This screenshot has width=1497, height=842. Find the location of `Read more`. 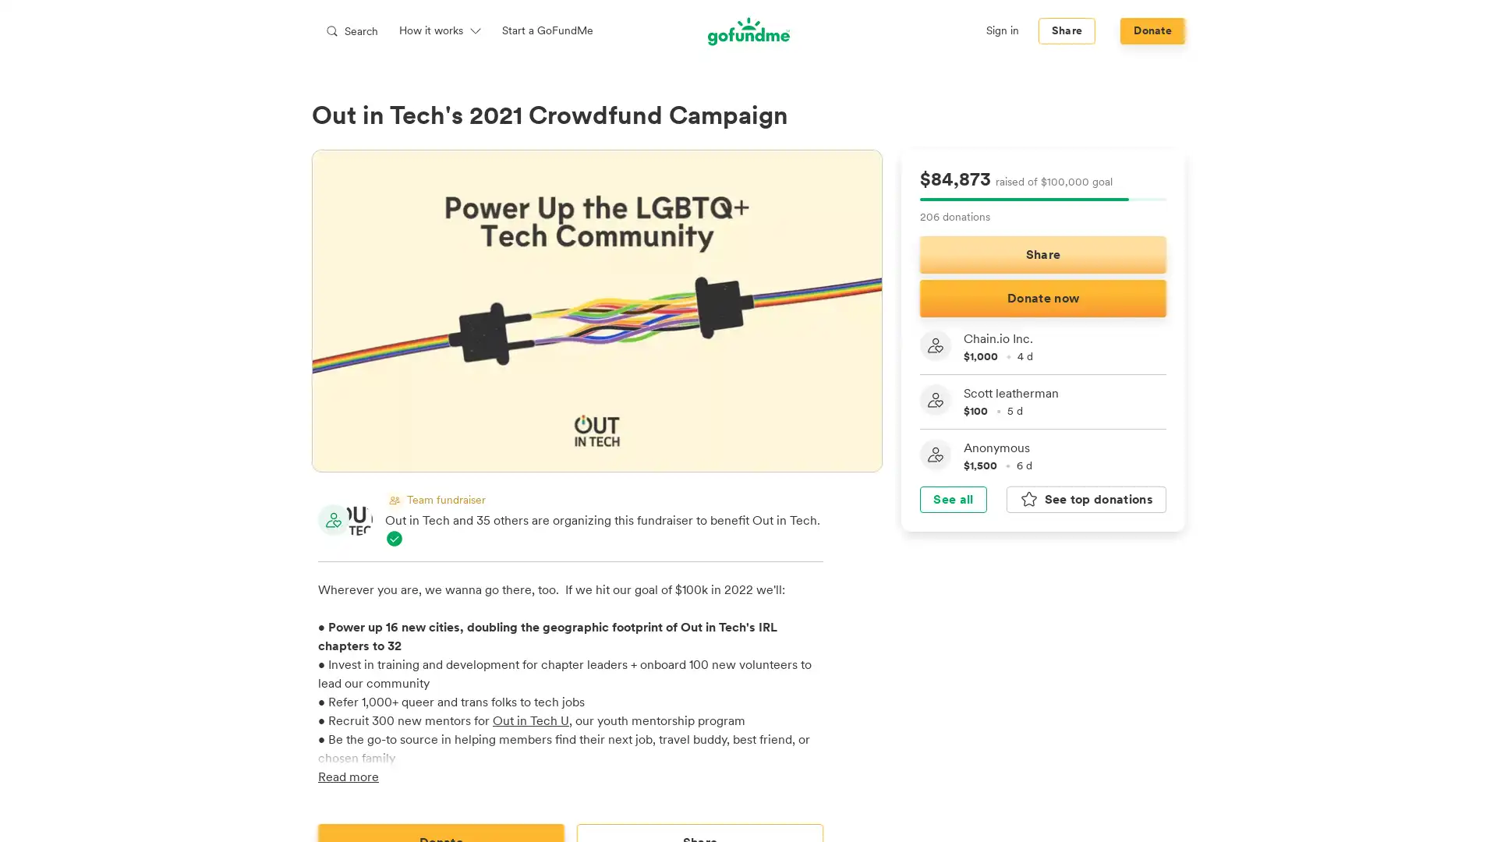

Read more is located at coordinates (347, 776).